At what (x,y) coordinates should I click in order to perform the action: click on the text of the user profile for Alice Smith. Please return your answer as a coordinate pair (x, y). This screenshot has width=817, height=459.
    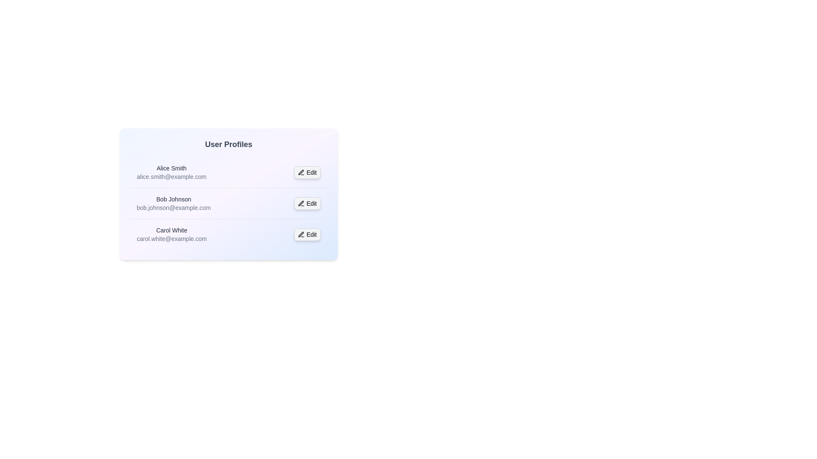
    Looking at the image, I should click on (137, 164).